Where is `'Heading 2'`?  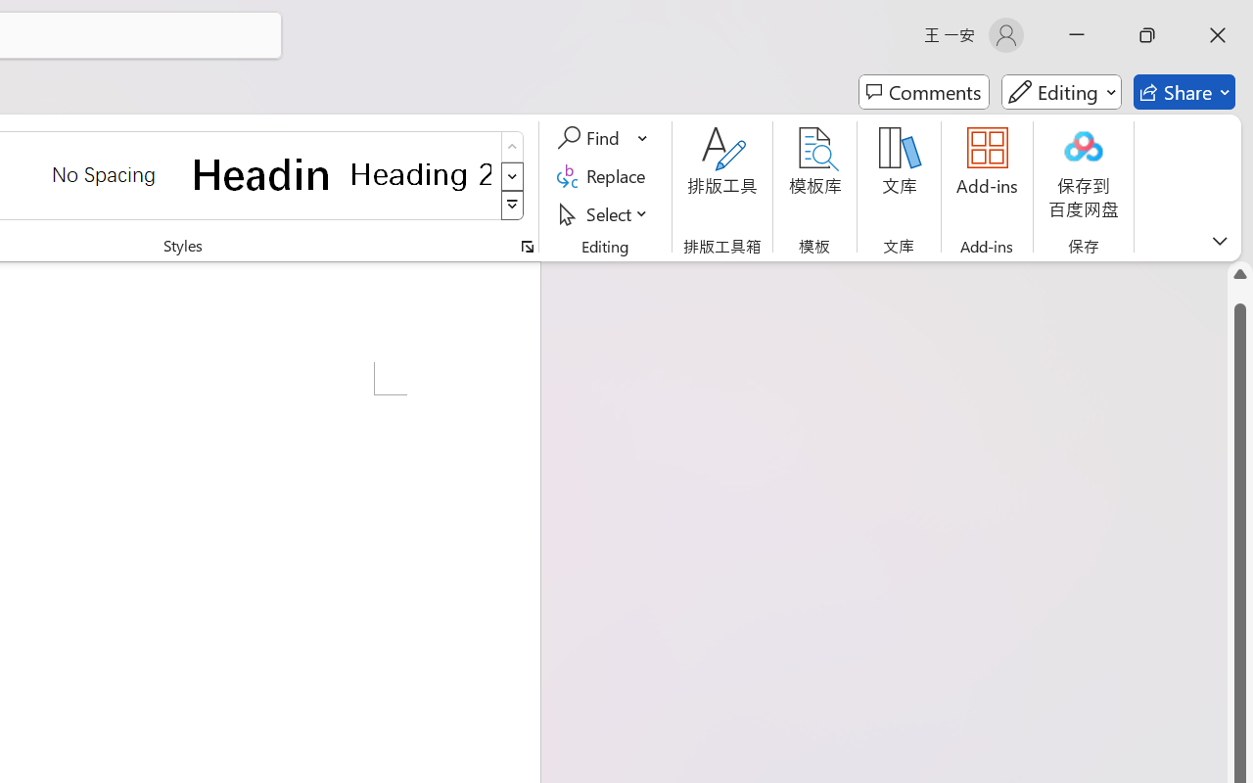
'Heading 2' is located at coordinates (420, 173).